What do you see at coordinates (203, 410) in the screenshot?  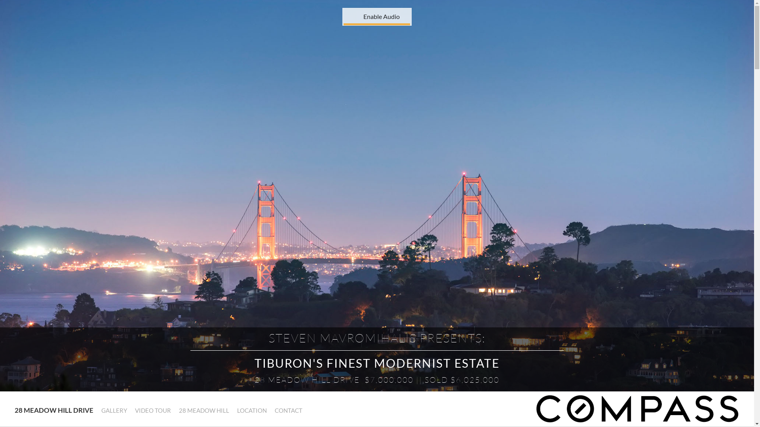 I see `'28 MEADOW HILL'` at bounding box center [203, 410].